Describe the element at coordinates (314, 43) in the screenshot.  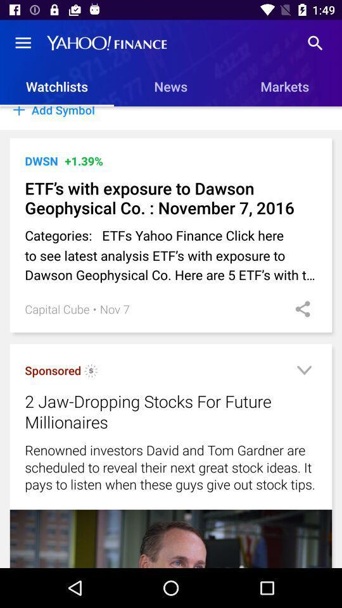
I see `the item above markets item` at that location.